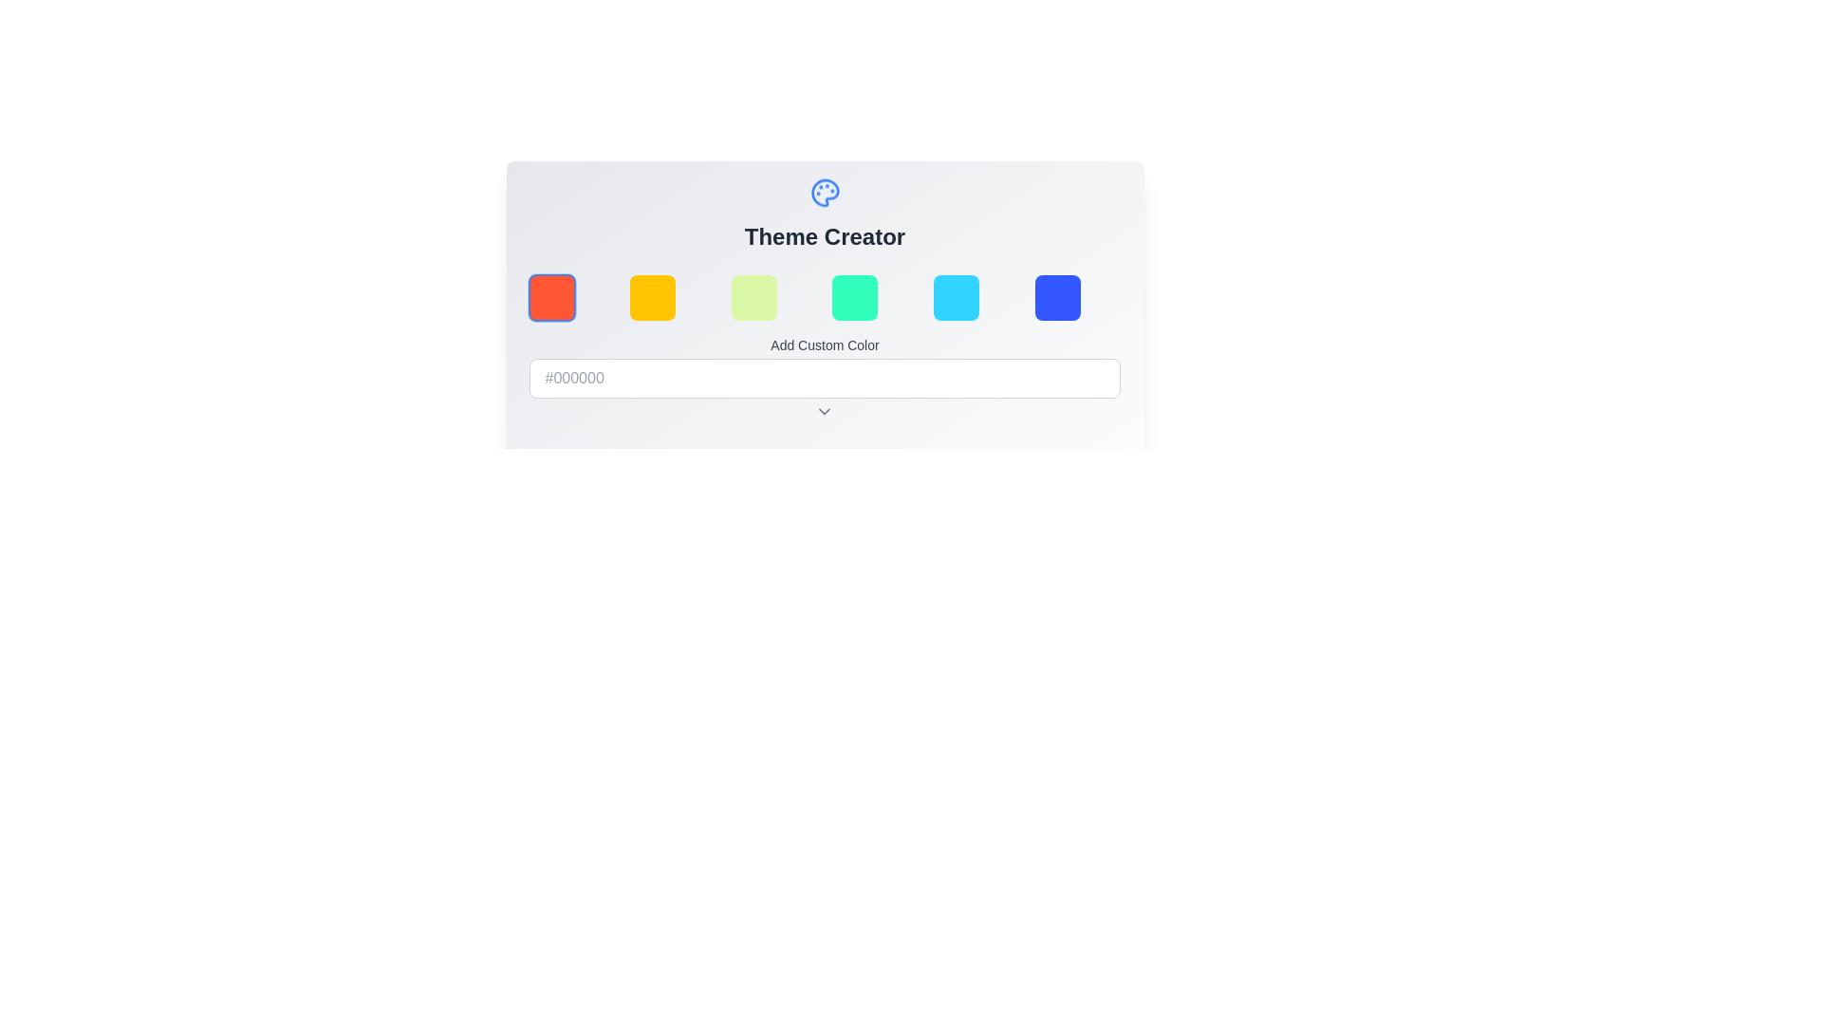  I want to click on the central circular SVG graphic element resembling a palette, which is colored in blue and located prominently above the 'Theme Creator' text, so click(825, 194).